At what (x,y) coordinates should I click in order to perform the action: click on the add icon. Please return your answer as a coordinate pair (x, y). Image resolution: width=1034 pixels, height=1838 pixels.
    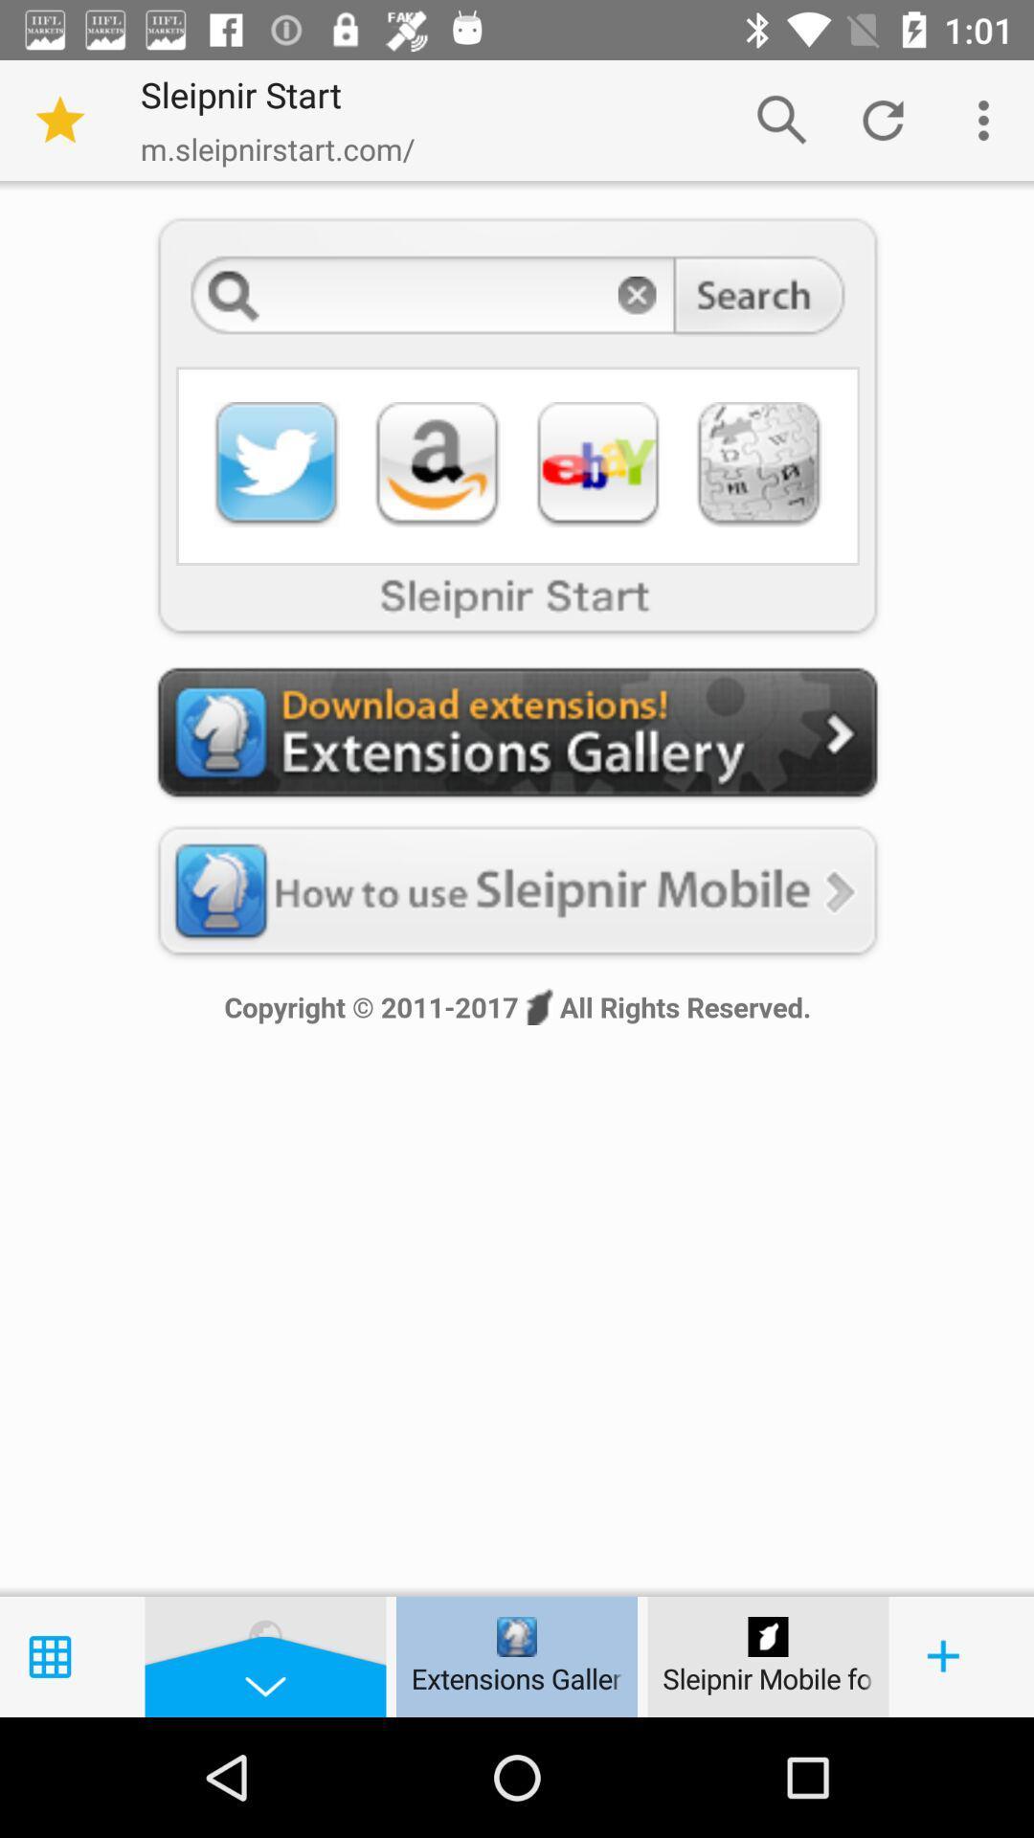
    Looking at the image, I should click on (943, 1656).